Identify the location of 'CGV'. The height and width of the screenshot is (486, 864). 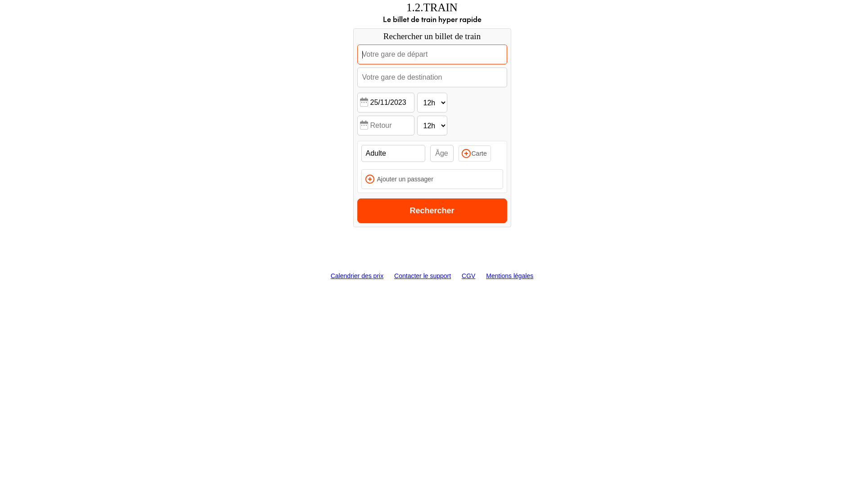
(468, 275).